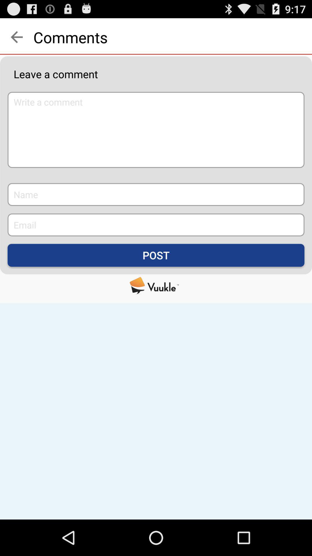 The image size is (312, 556). I want to click on visit the vuukle website, so click(156, 286).